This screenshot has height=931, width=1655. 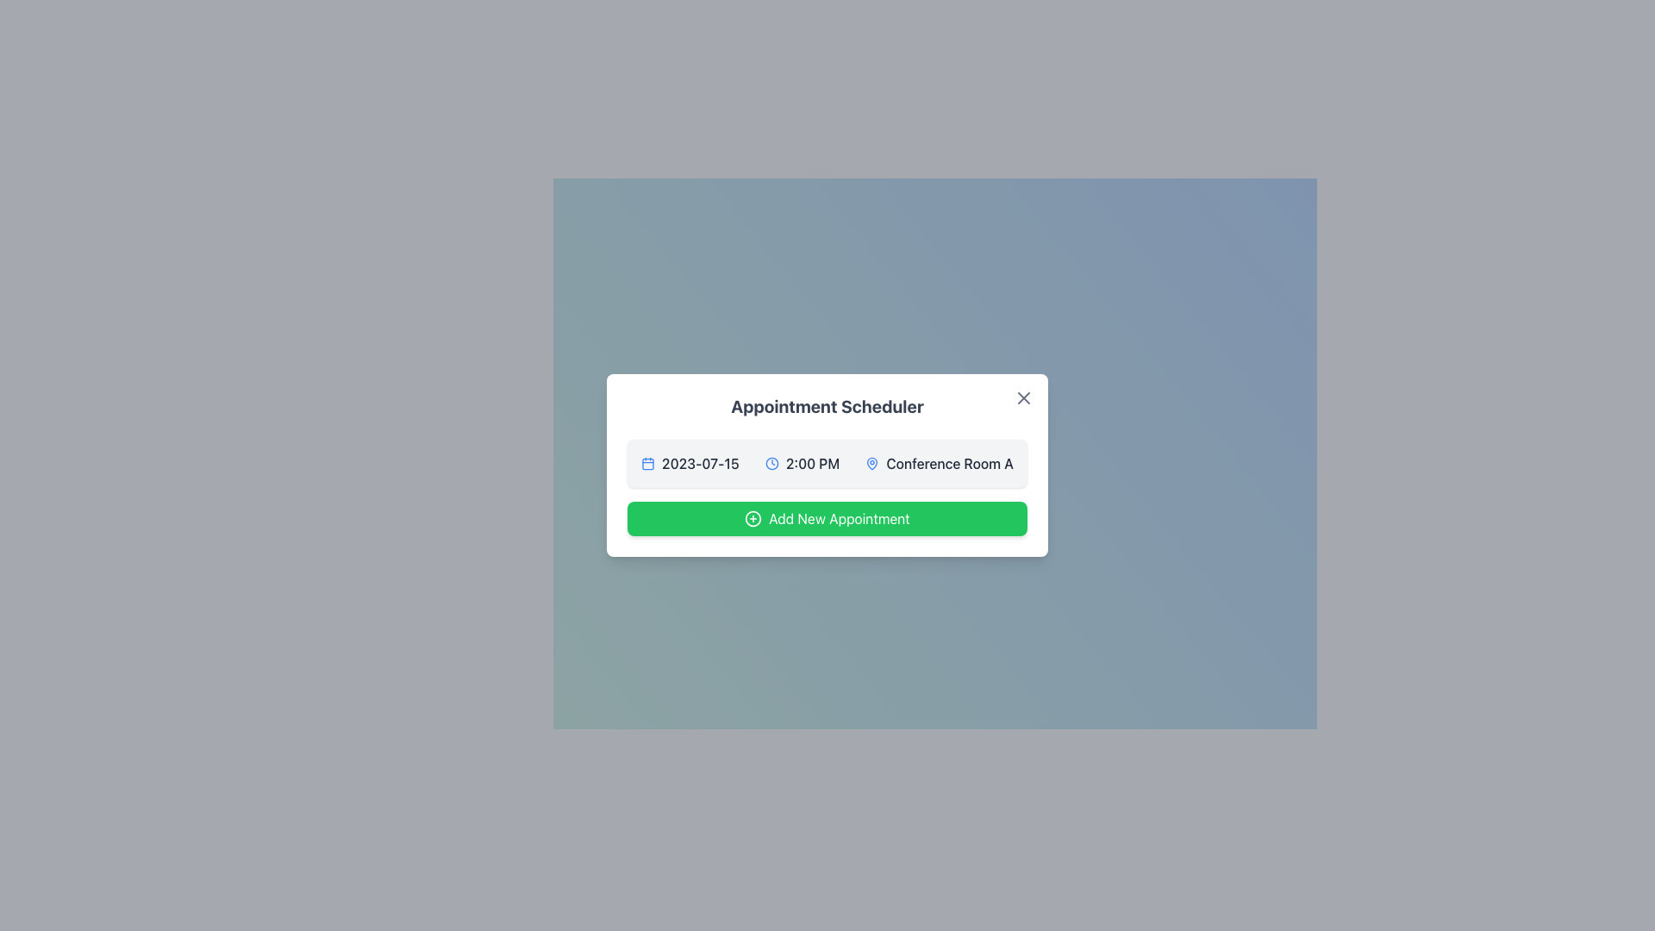 What do you see at coordinates (802, 462) in the screenshot?
I see `the Text Label with Icon that provides information about the scheduled time of an event, positioned between the date '2023-07-15' and 'Conference Room A'` at bounding box center [802, 462].